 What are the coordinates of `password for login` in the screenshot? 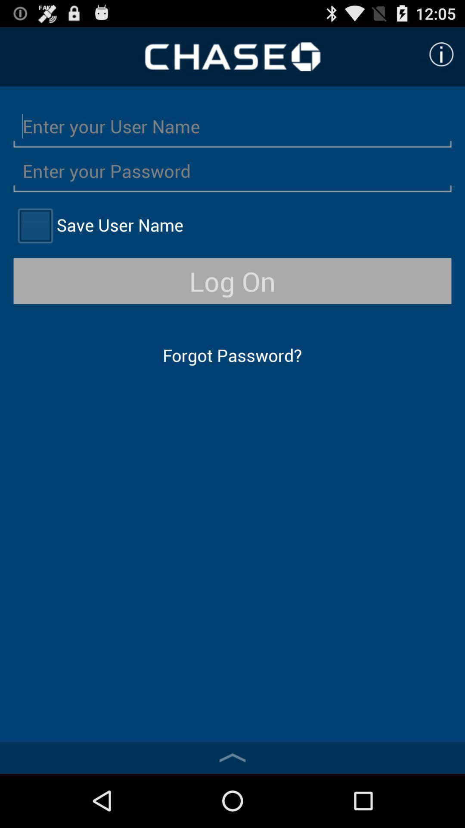 It's located at (232, 170).